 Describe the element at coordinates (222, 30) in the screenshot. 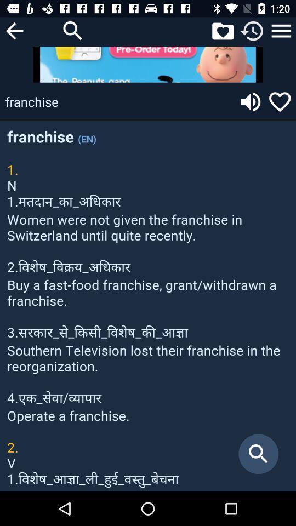

I see `the favorite icon` at that location.